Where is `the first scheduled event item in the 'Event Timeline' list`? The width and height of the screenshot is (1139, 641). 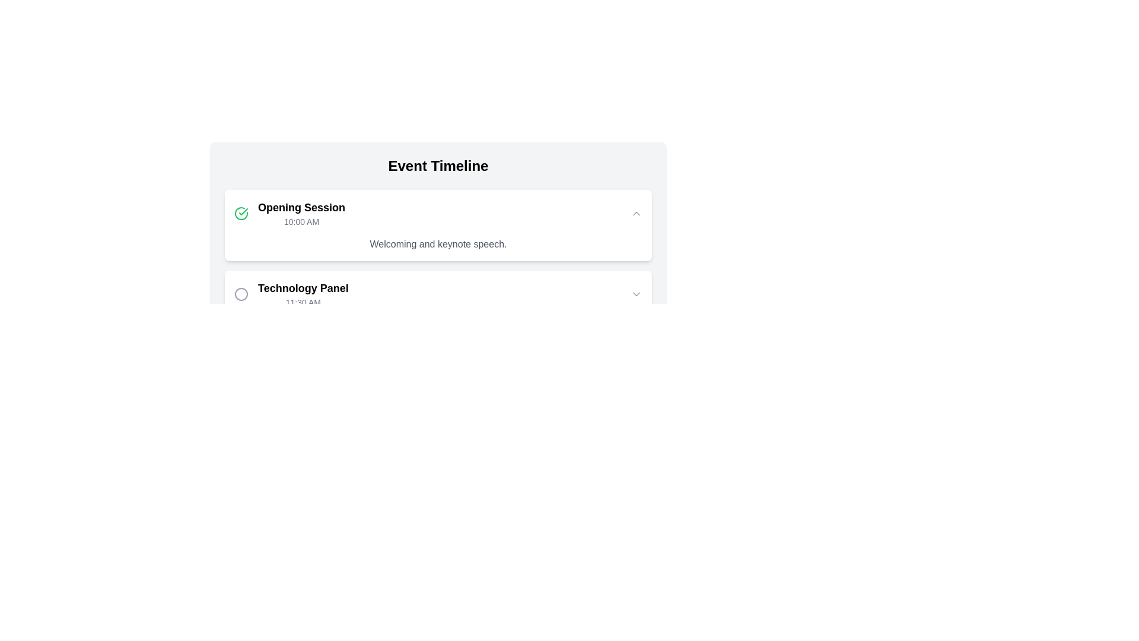
the first scheduled event item in the 'Event Timeline' list is located at coordinates (289, 212).